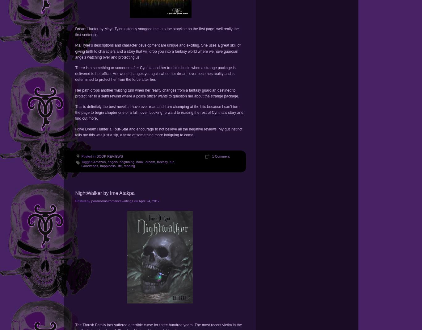 The height and width of the screenshot is (330, 422). What do you see at coordinates (172, 161) in the screenshot?
I see `'fun'` at bounding box center [172, 161].